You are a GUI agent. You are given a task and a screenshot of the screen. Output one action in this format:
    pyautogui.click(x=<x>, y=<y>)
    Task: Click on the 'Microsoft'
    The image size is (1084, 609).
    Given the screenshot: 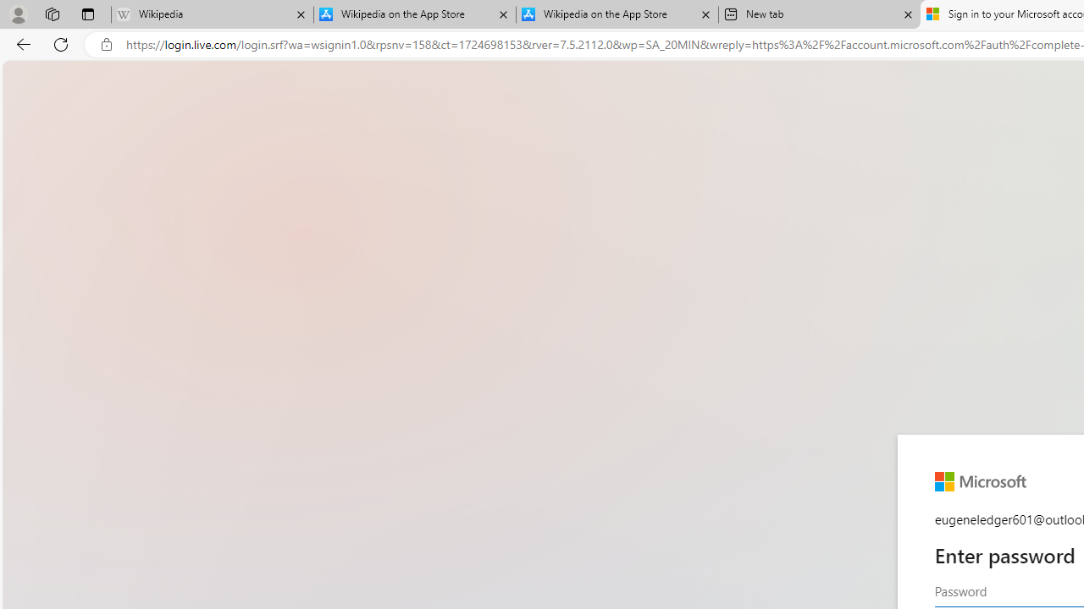 What is the action you would take?
    pyautogui.click(x=980, y=481)
    